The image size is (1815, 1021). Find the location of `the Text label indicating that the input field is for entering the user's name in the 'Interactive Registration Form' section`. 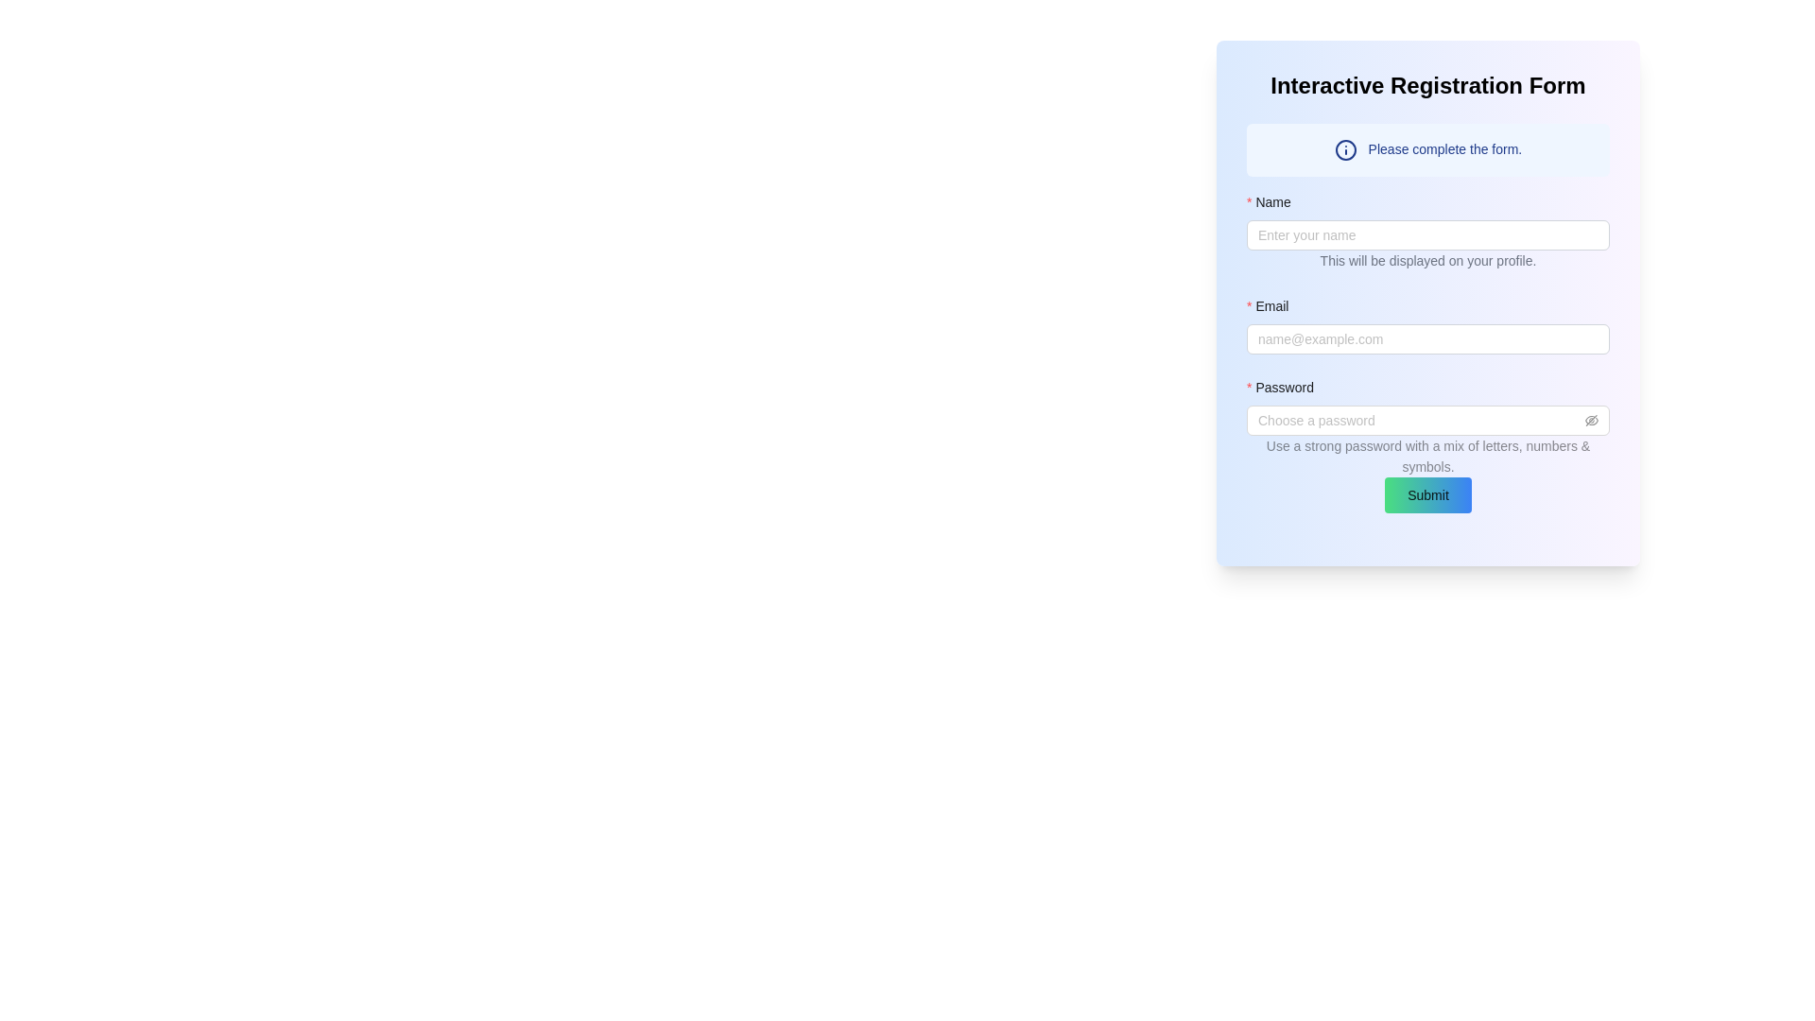

the Text label indicating that the input field is for entering the user's name in the 'Interactive Registration Form' section is located at coordinates (1275, 202).